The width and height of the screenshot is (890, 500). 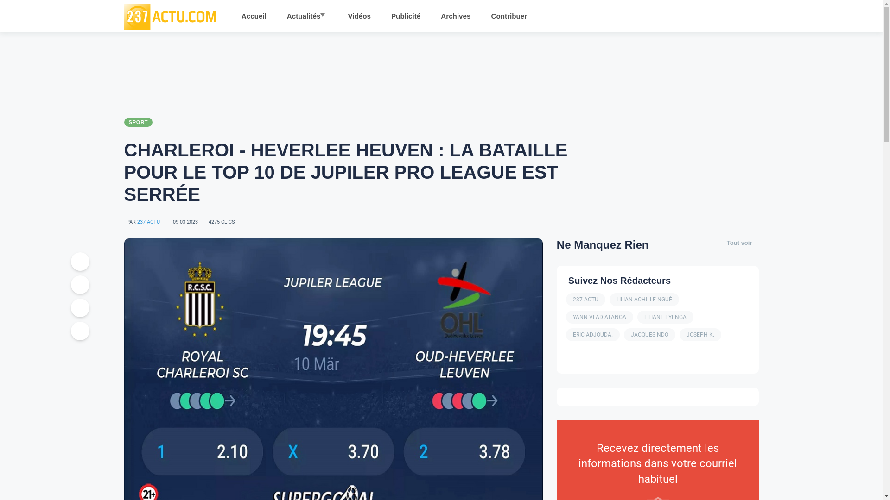 What do you see at coordinates (456, 19) in the screenshot?
I see `'Archives'` at bounding box center [456, 19].